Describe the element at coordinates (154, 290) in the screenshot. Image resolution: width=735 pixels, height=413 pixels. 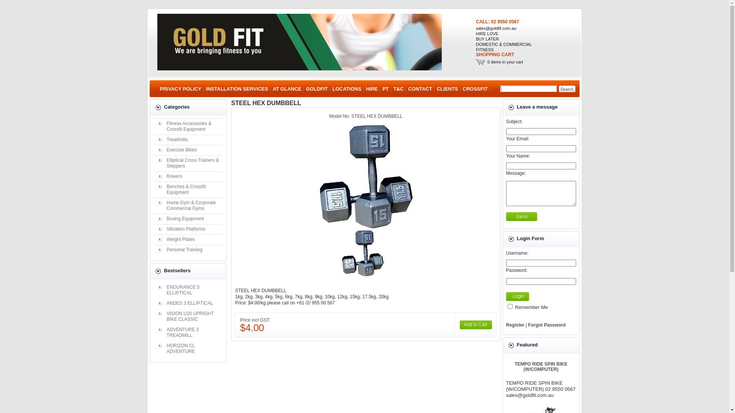
I see `'ENDURANCE 5 ELLIPTICAL'` at that location.